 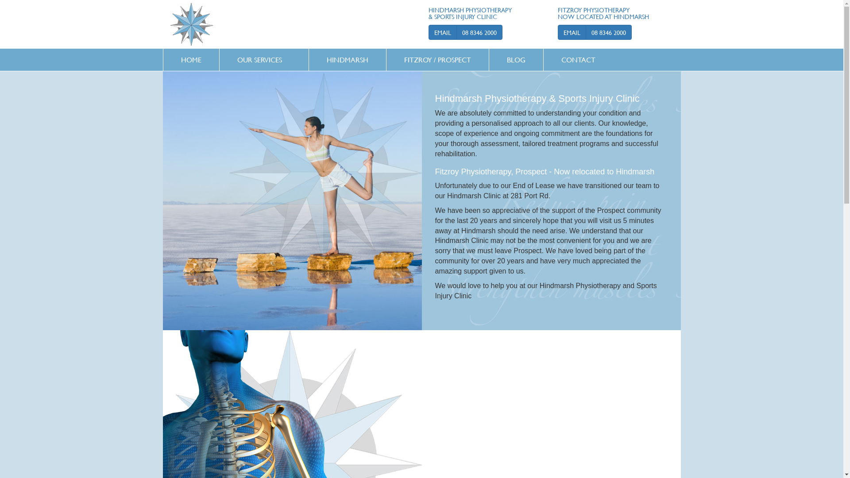 What do you see at coordinates (456, 32) in the screenshot?
I see `'08 8346 2000'` at bounding box center [456, 32].